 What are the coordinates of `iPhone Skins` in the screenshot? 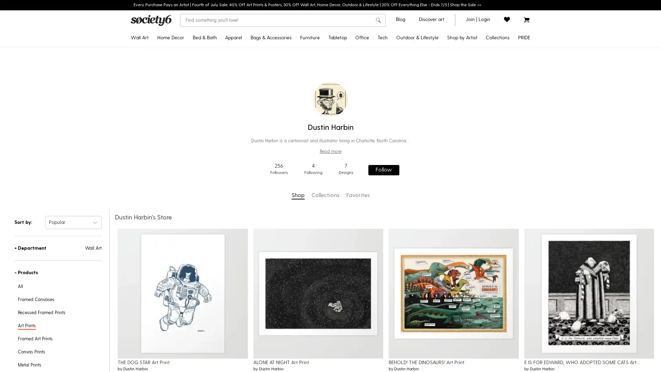 It's located at (407, 177).